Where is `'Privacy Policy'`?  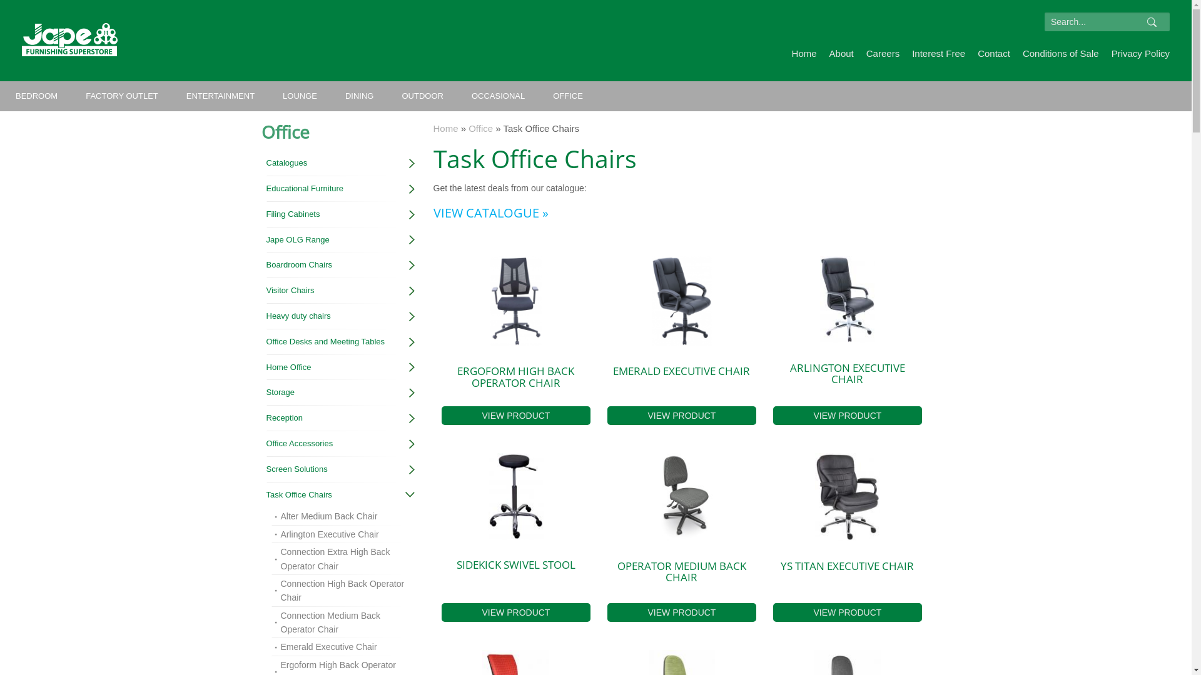
'Privacy Policy' is located at coordinates (1140, 52).